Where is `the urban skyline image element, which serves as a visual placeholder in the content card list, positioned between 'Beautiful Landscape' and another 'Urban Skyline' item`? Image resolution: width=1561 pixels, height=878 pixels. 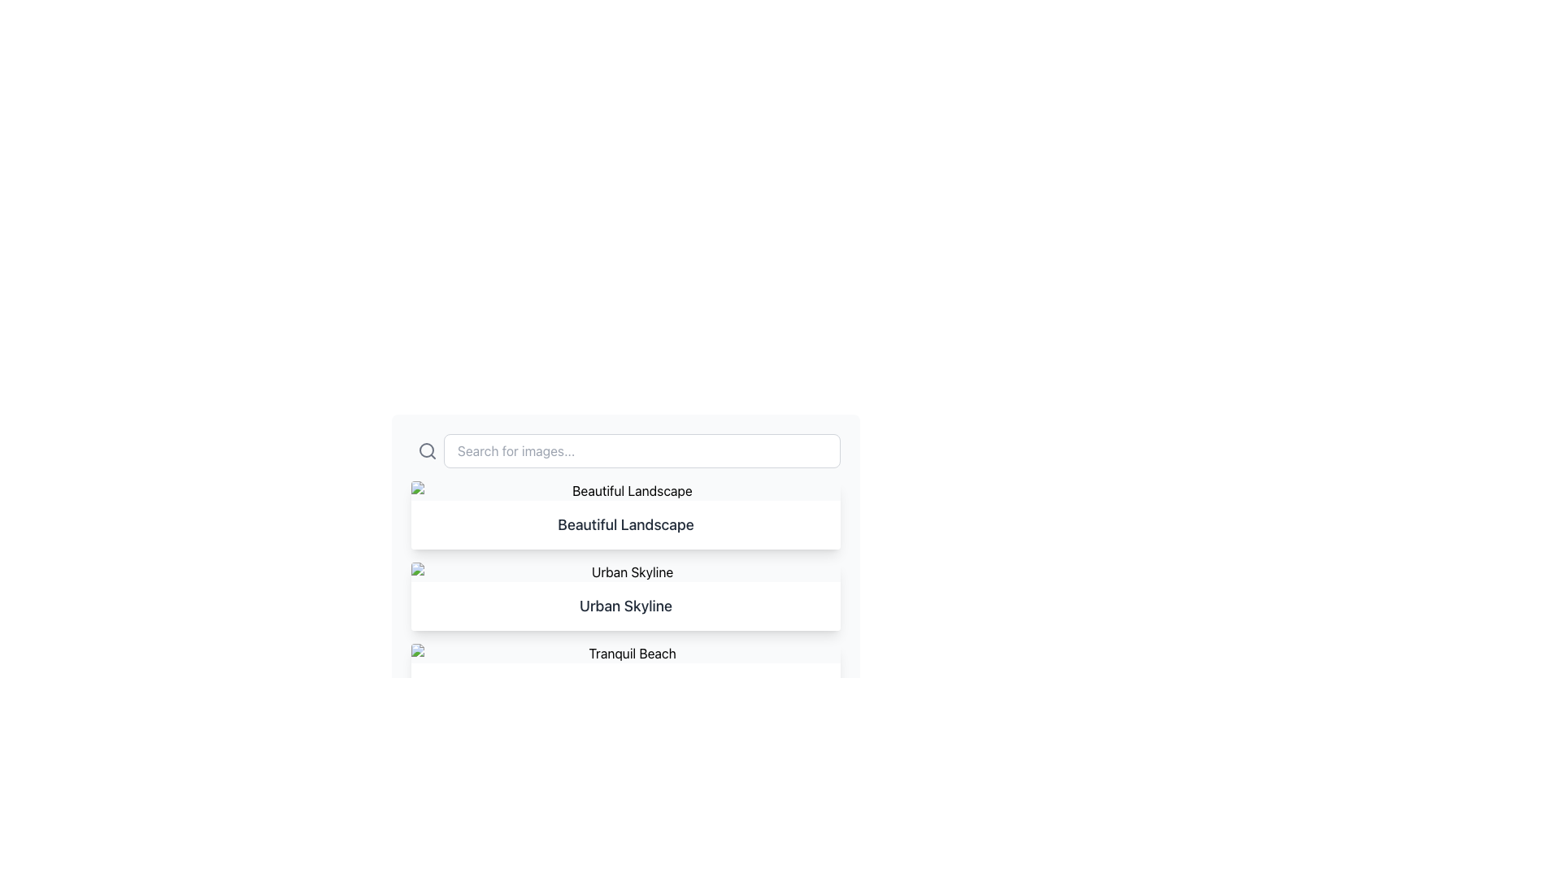 the urban skyline image element, which serves as a visual placeholder in the content card list, positioned between 'Beautiful Landscape' and another 'Urban Skyline' item is located at coordinates (624, 572).